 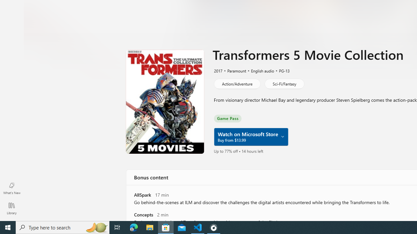 What do you see at coordinates (284, 84) in the screenshot?
I see `'Sci-Fi/Fantasy'` at bounding box center [284, 84].